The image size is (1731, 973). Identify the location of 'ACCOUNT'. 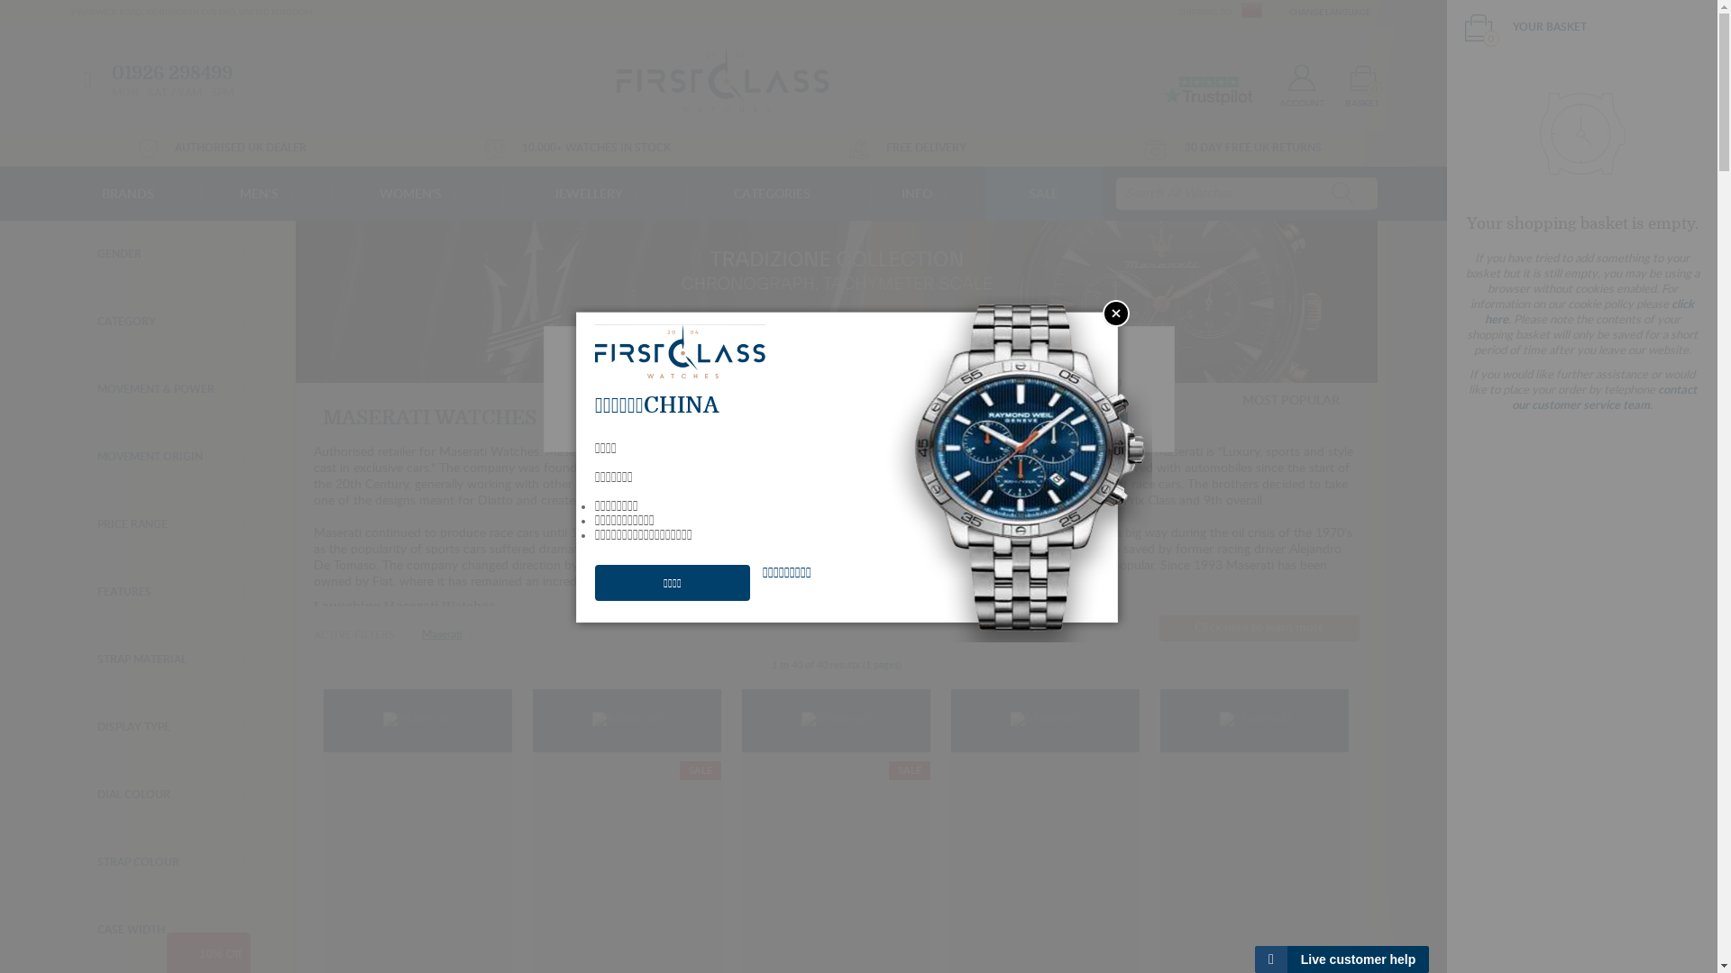
(1286, 86).